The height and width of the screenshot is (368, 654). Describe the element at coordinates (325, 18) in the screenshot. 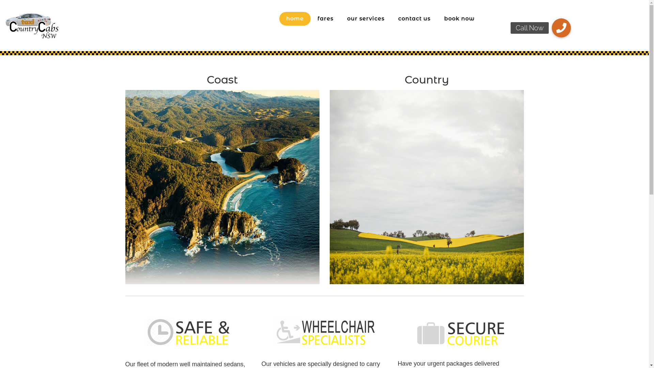

I see `'fares'` at that location.